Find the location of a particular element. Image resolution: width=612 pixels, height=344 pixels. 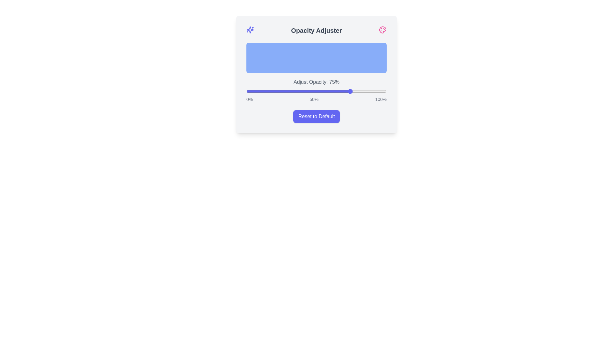

the slider to set the opacity to 81% is located at coordinates (360, 91).